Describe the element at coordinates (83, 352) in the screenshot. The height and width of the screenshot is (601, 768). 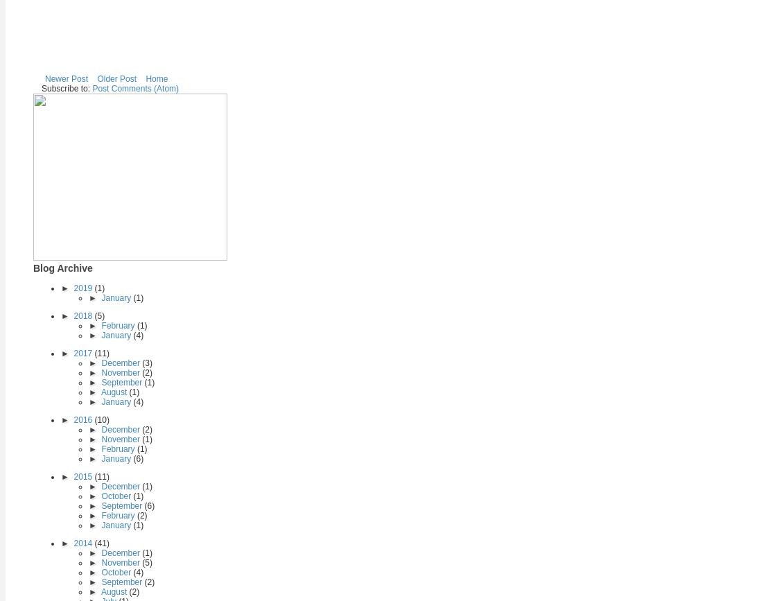
I see `'2017'` at that location.